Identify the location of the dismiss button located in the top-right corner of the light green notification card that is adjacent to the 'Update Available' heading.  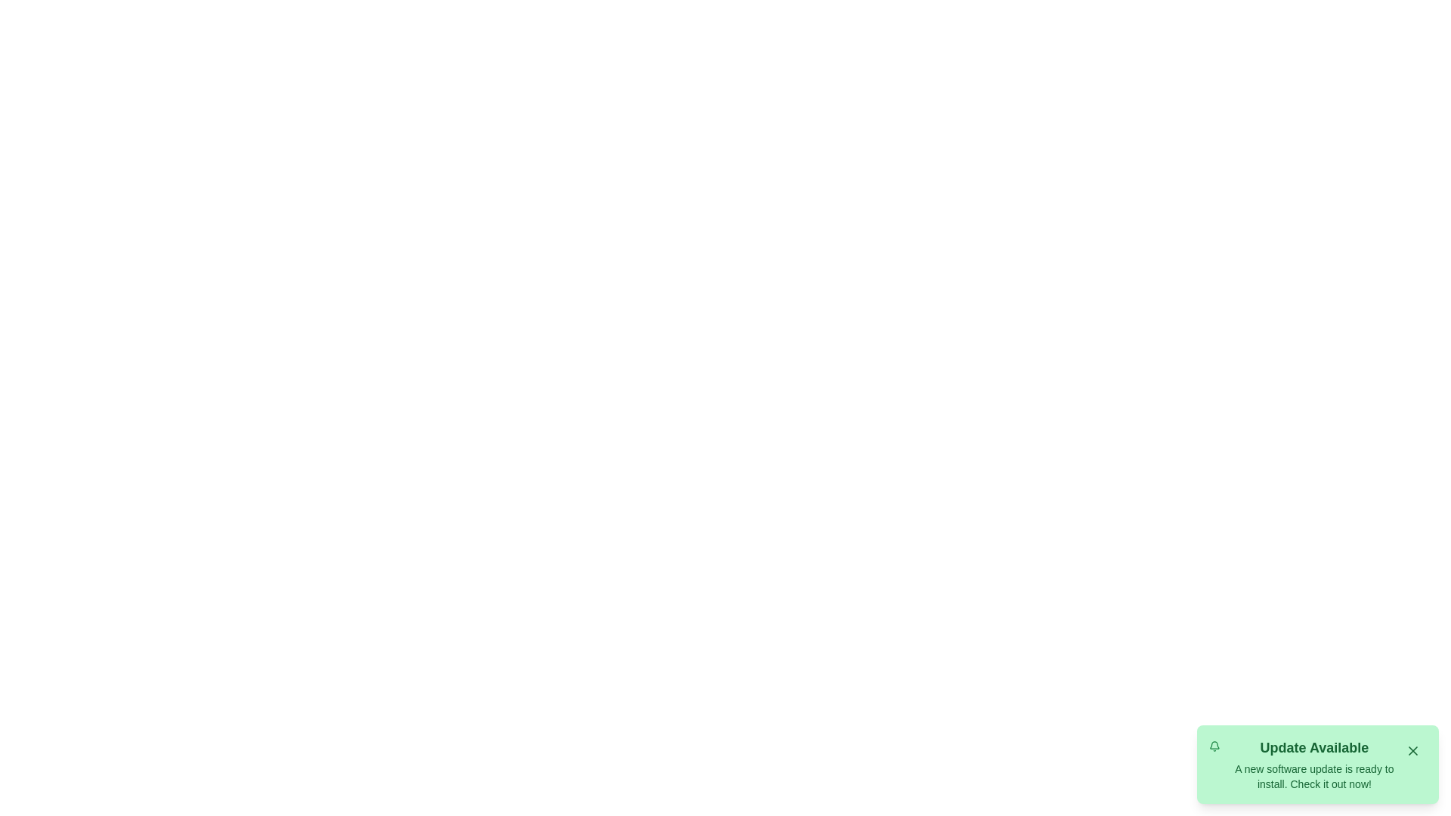
(1412, 751).